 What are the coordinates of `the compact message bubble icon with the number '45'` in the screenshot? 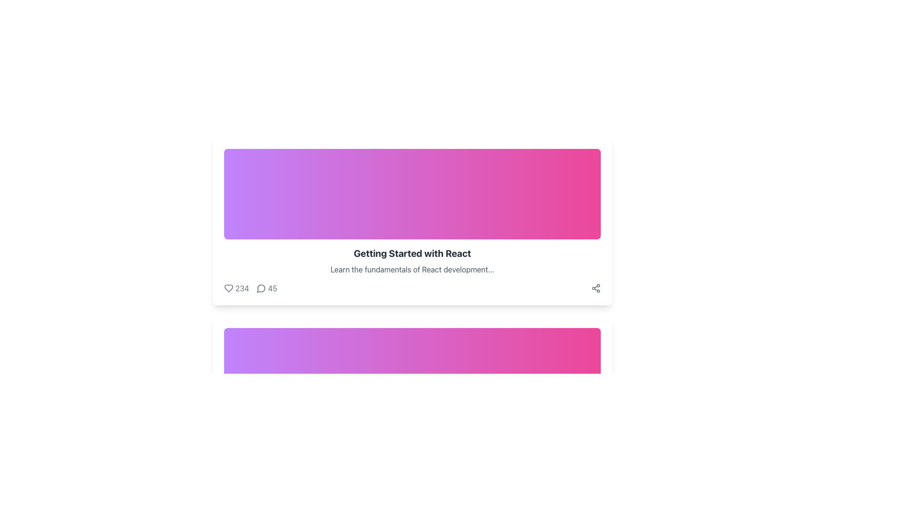 It's located at (266, 288).